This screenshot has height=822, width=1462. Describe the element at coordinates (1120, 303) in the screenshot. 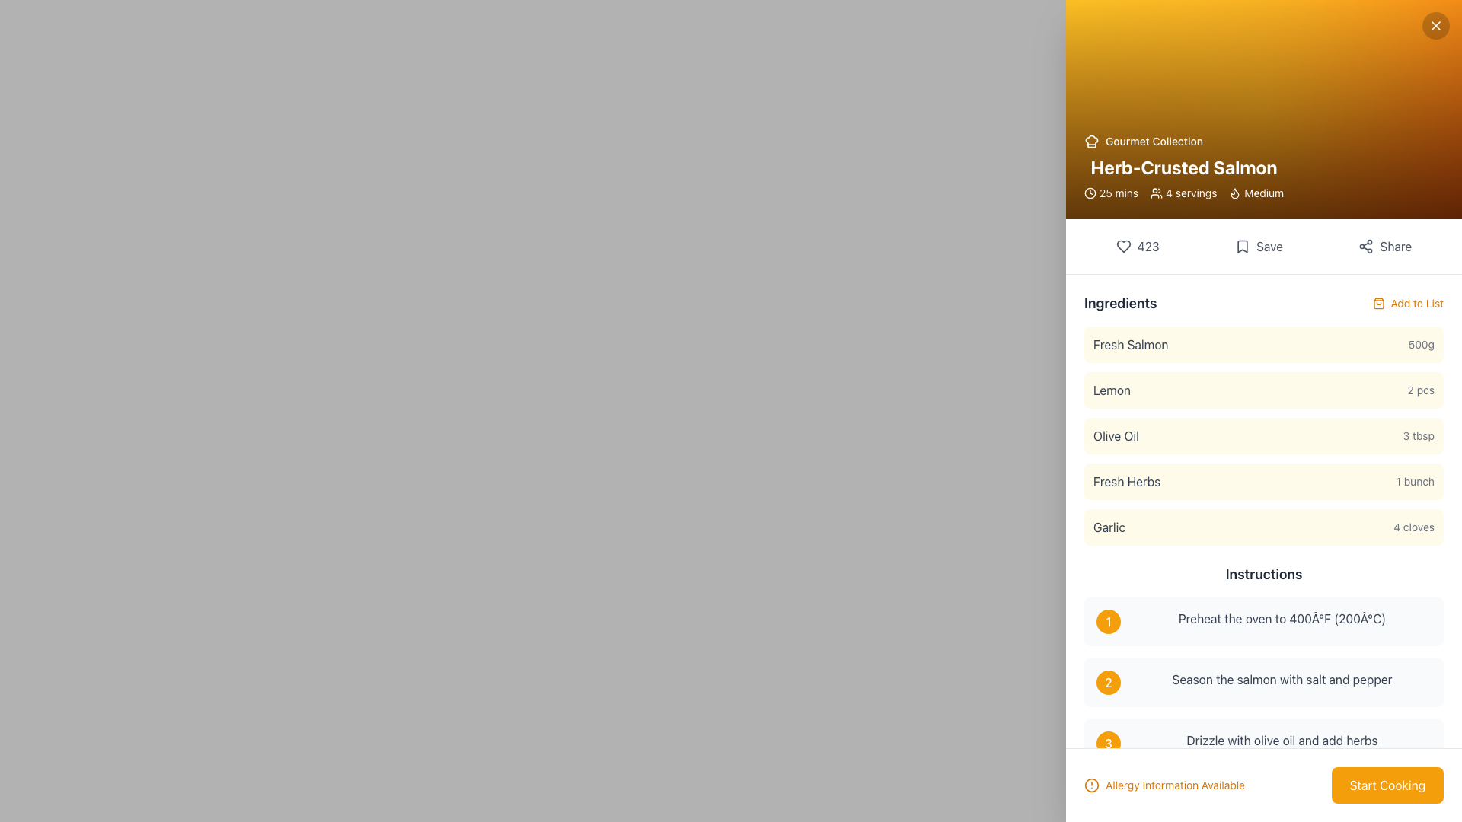

I see `the section title or header that indicates the beginning of the ingredients list for a recipe, located in the top left region of the section under the recipe information` at that location.